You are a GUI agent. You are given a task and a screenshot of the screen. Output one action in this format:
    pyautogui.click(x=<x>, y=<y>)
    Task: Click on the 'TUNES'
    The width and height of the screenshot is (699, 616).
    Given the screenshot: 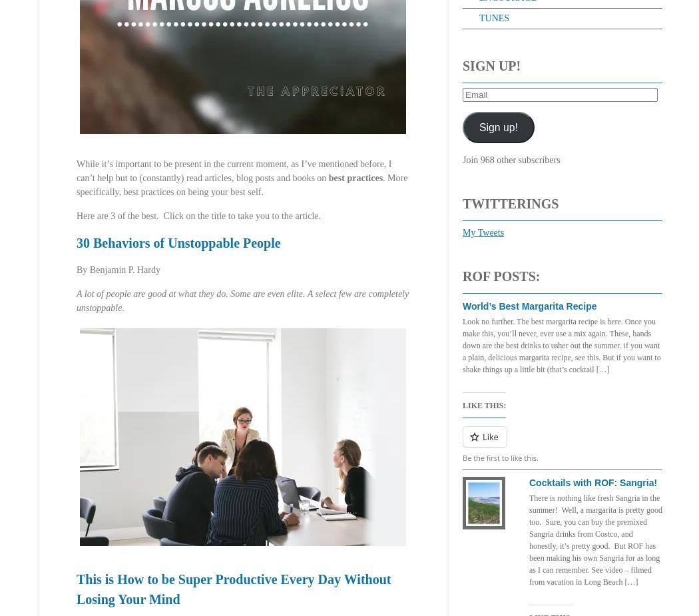 What is the action you would take?
    pyautogui.click(x=493, y=17)
    